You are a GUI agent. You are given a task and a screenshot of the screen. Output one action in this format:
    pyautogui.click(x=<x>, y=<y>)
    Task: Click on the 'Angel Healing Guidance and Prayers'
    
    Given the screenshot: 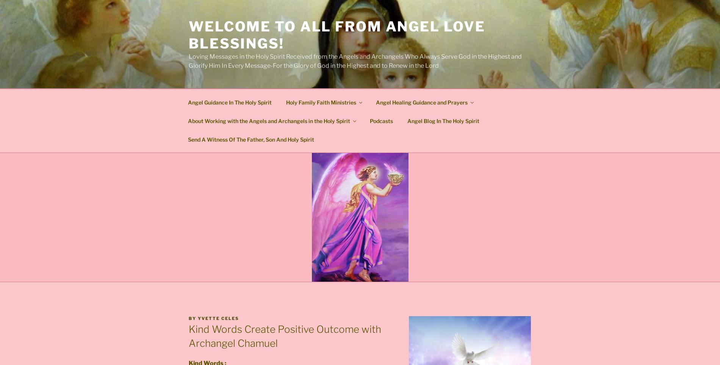 What is the action you would take?
    pyautogui.click(x=376, y=101)
    